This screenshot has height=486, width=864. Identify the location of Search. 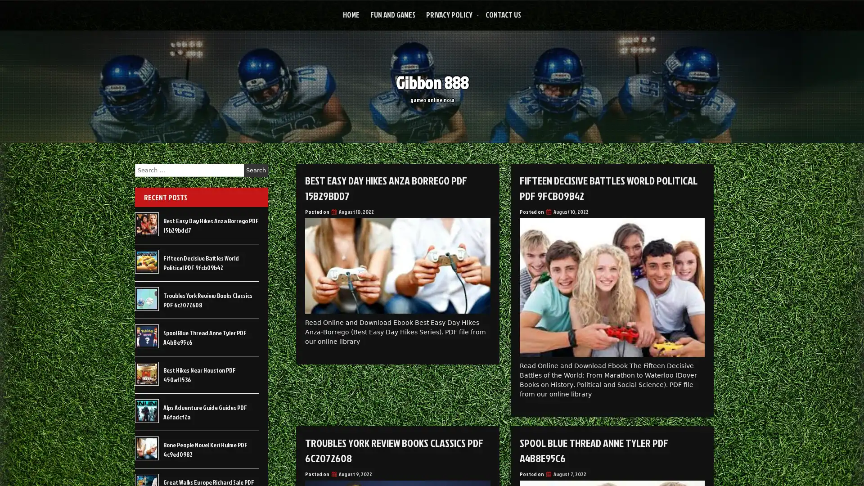
(256, 170).